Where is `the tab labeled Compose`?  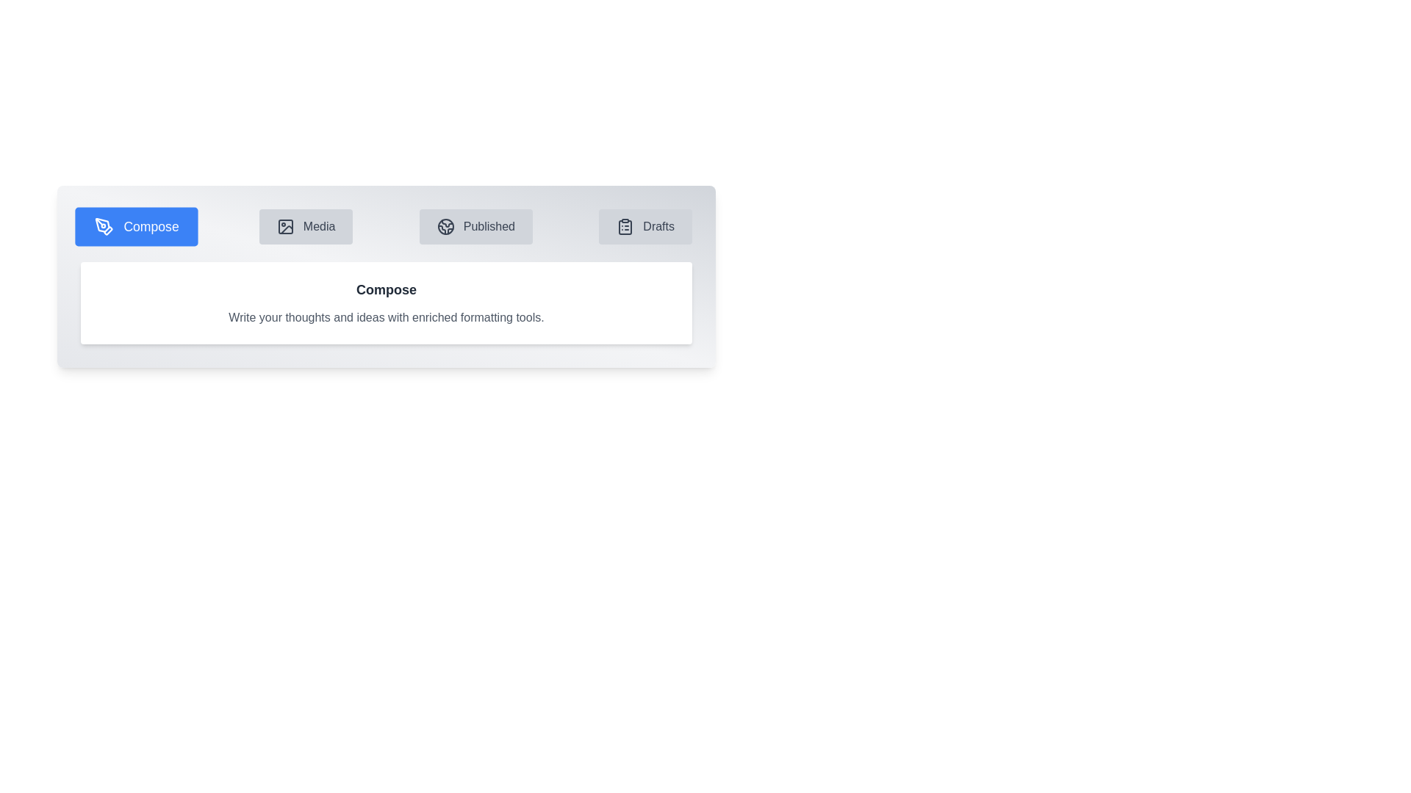 the tab labeled Compose is located at coordinates (137, 226).